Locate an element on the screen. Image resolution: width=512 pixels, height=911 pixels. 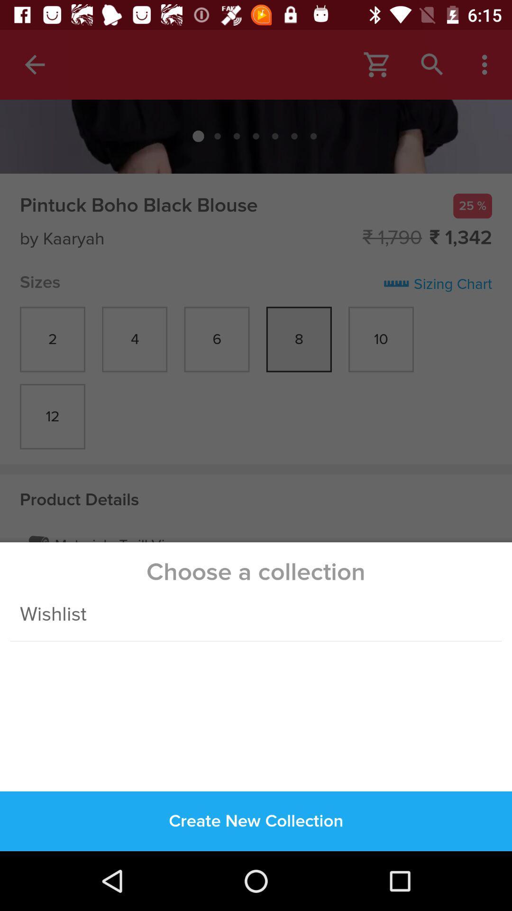
item above the choose a collection is located at coordinates (256, 286).